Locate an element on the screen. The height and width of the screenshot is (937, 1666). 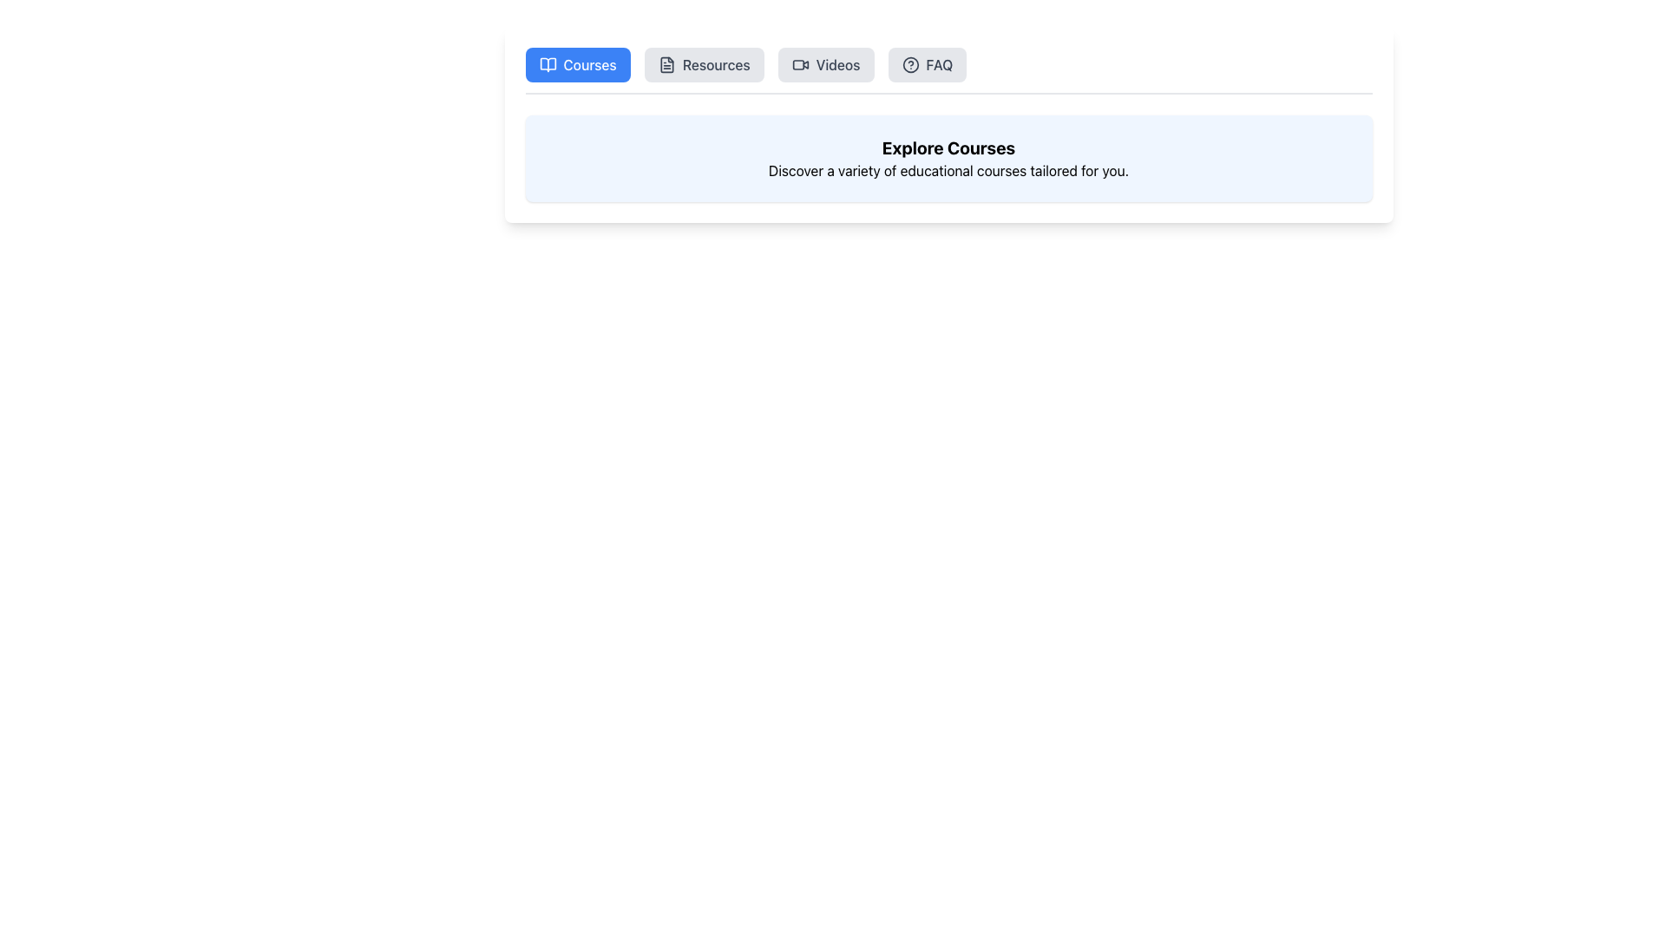
the video icon with a camera-like symbol, located to the left of the 'Videos' button in the navigation bar is located at coordinates (799, 63).